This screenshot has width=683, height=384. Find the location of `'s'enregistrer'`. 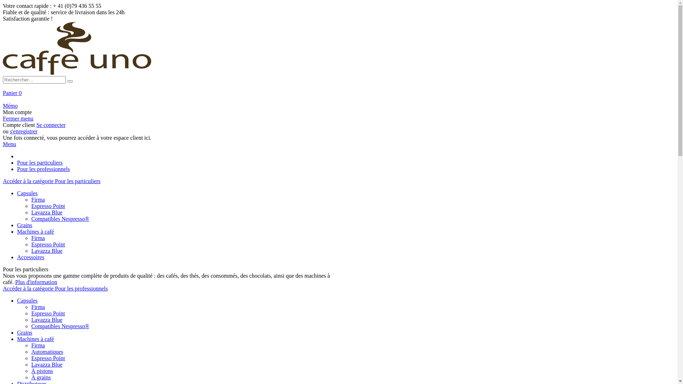

's'enregistrer' is located at coordinates (24, 131).